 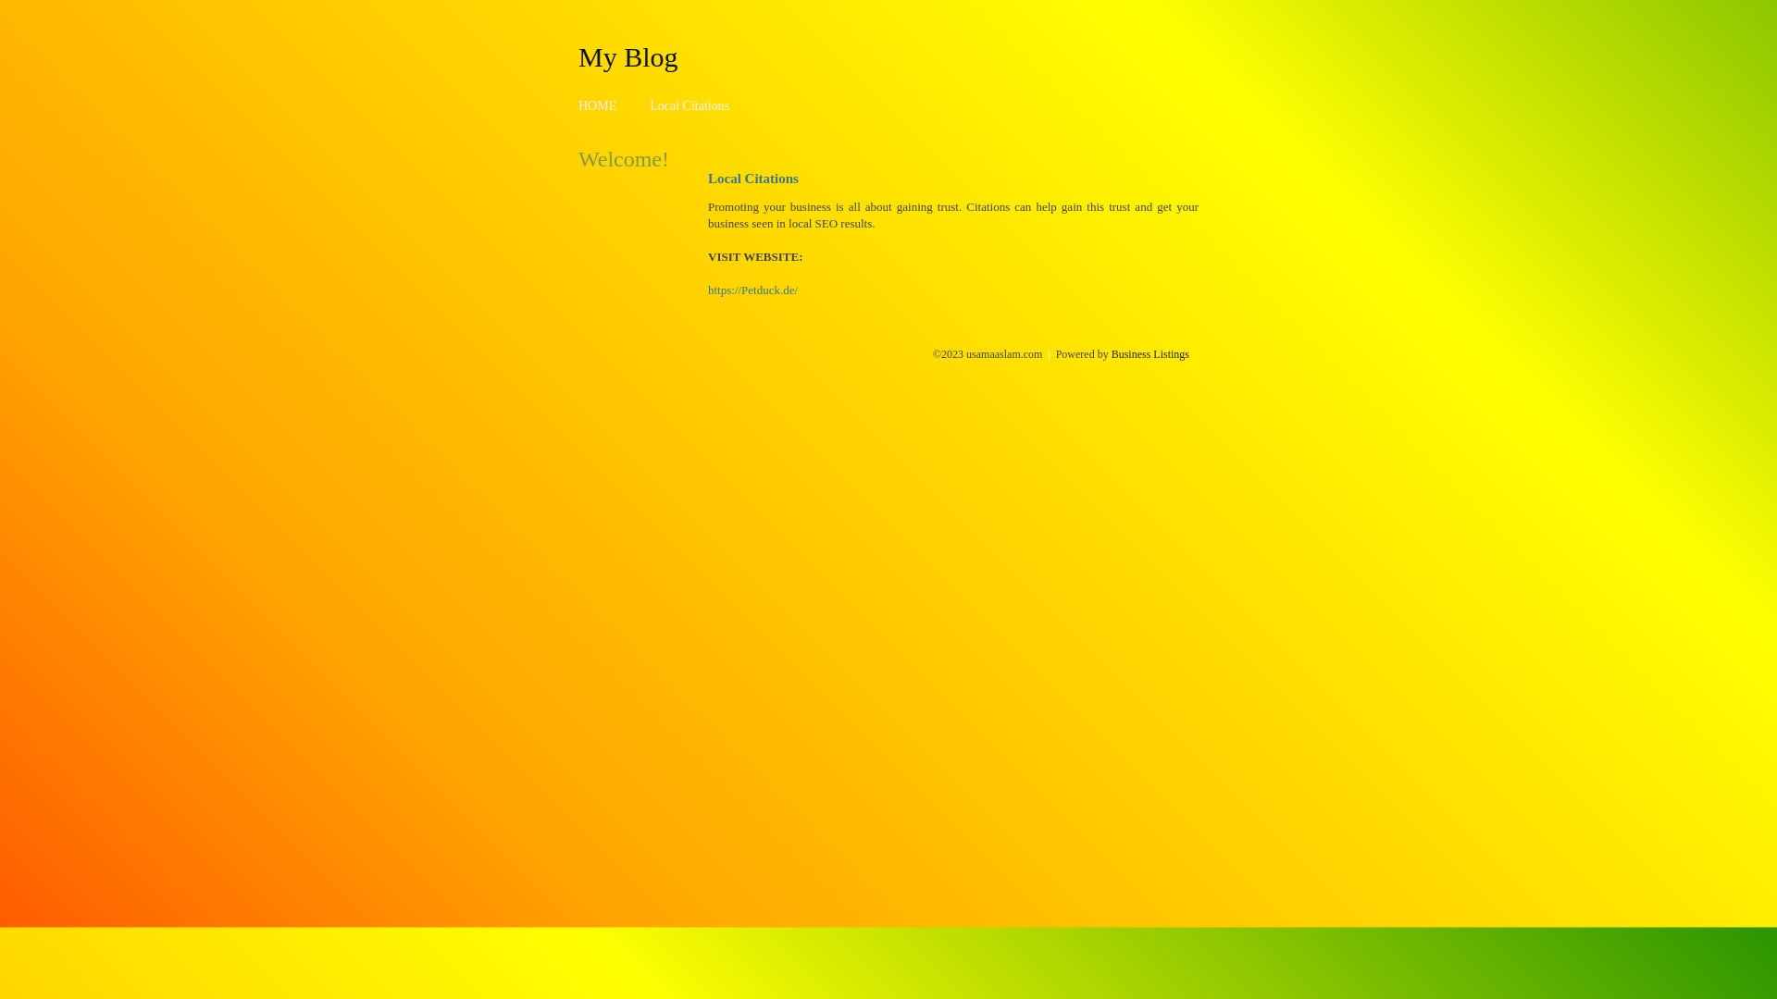 I want to click on 'https://Petduck.de/', so click(x=752, y=290).